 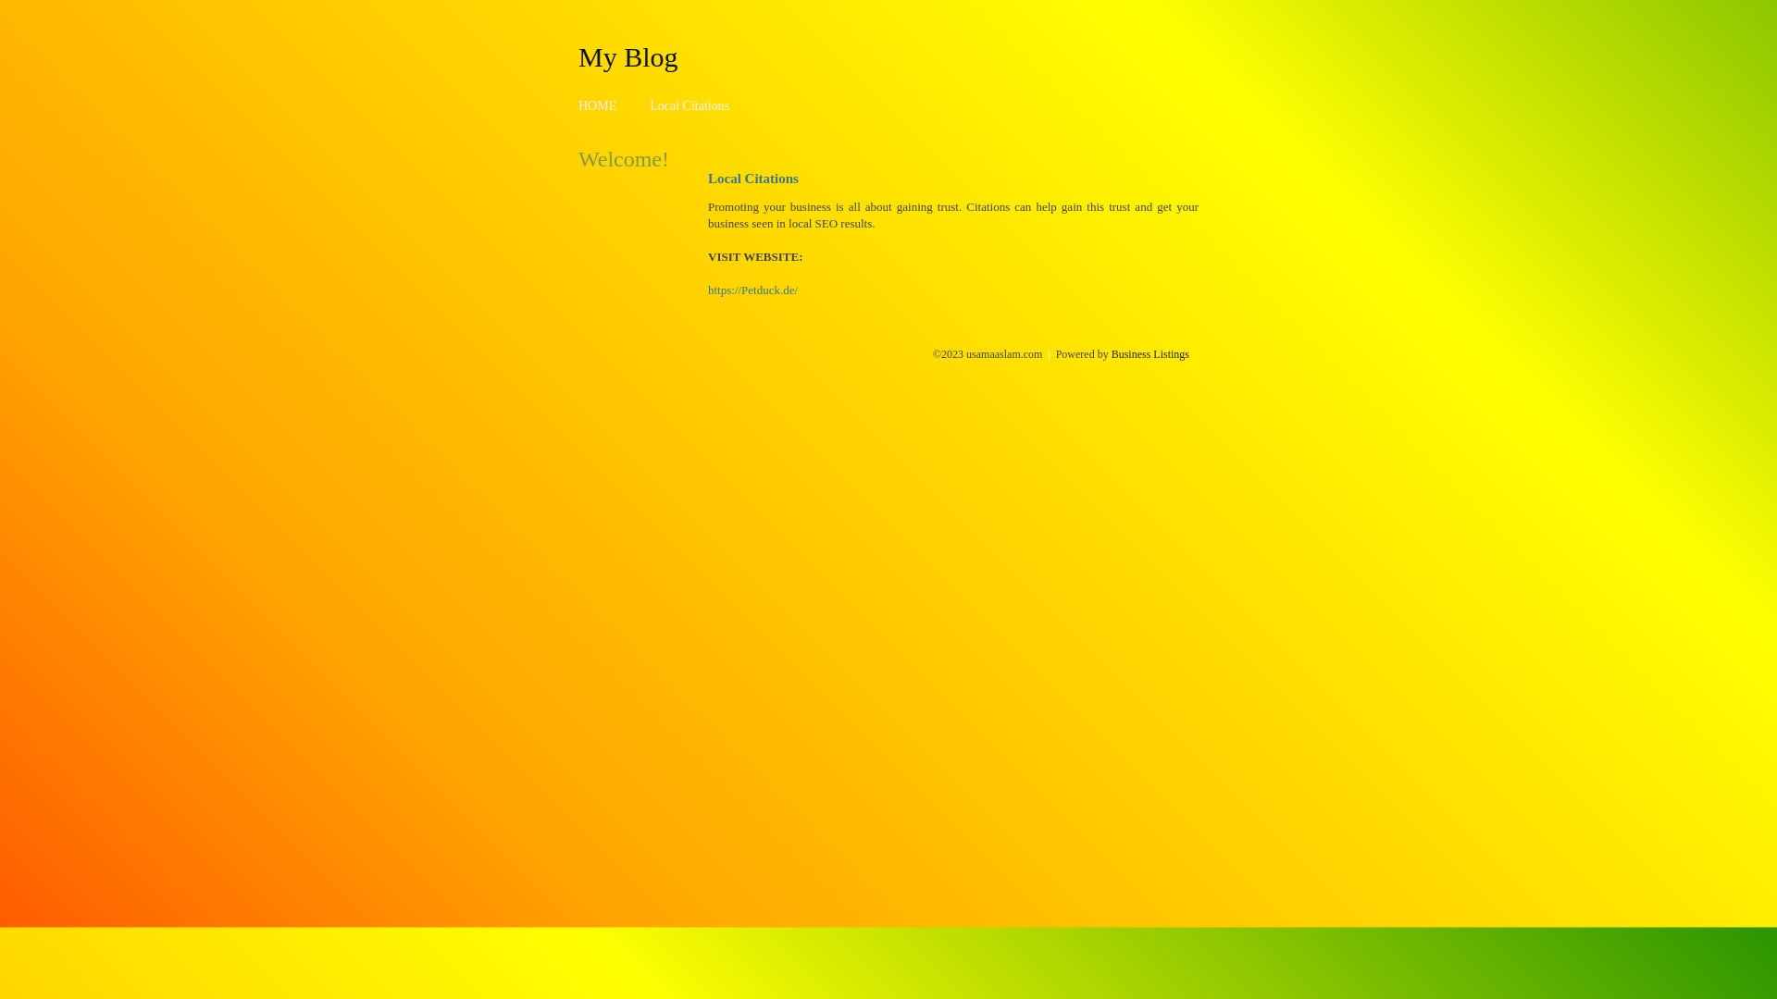 I want to click on 'https://Petduck.de/', so click(x=752, y=290).